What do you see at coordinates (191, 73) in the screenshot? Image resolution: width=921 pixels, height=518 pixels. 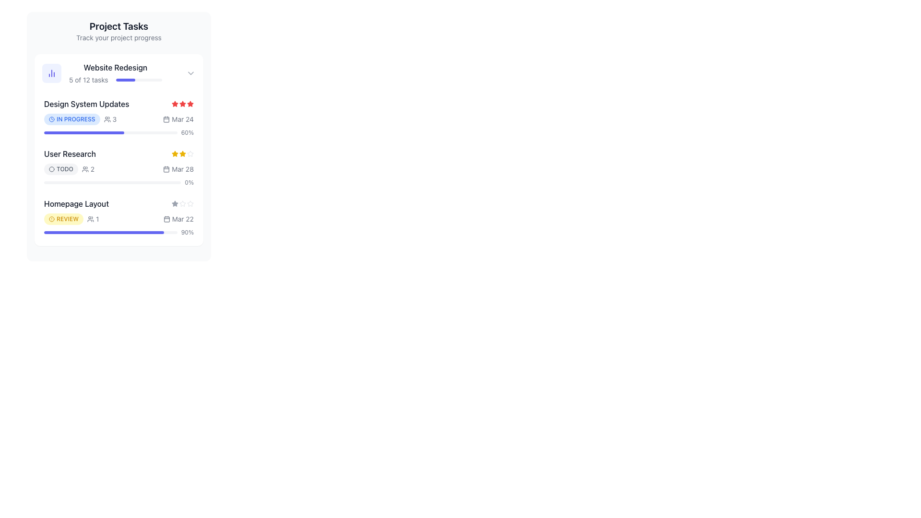 I see `the toggle icon located at the far-right of the 'Website Redesign' task header` at bounding box center [191, 73].